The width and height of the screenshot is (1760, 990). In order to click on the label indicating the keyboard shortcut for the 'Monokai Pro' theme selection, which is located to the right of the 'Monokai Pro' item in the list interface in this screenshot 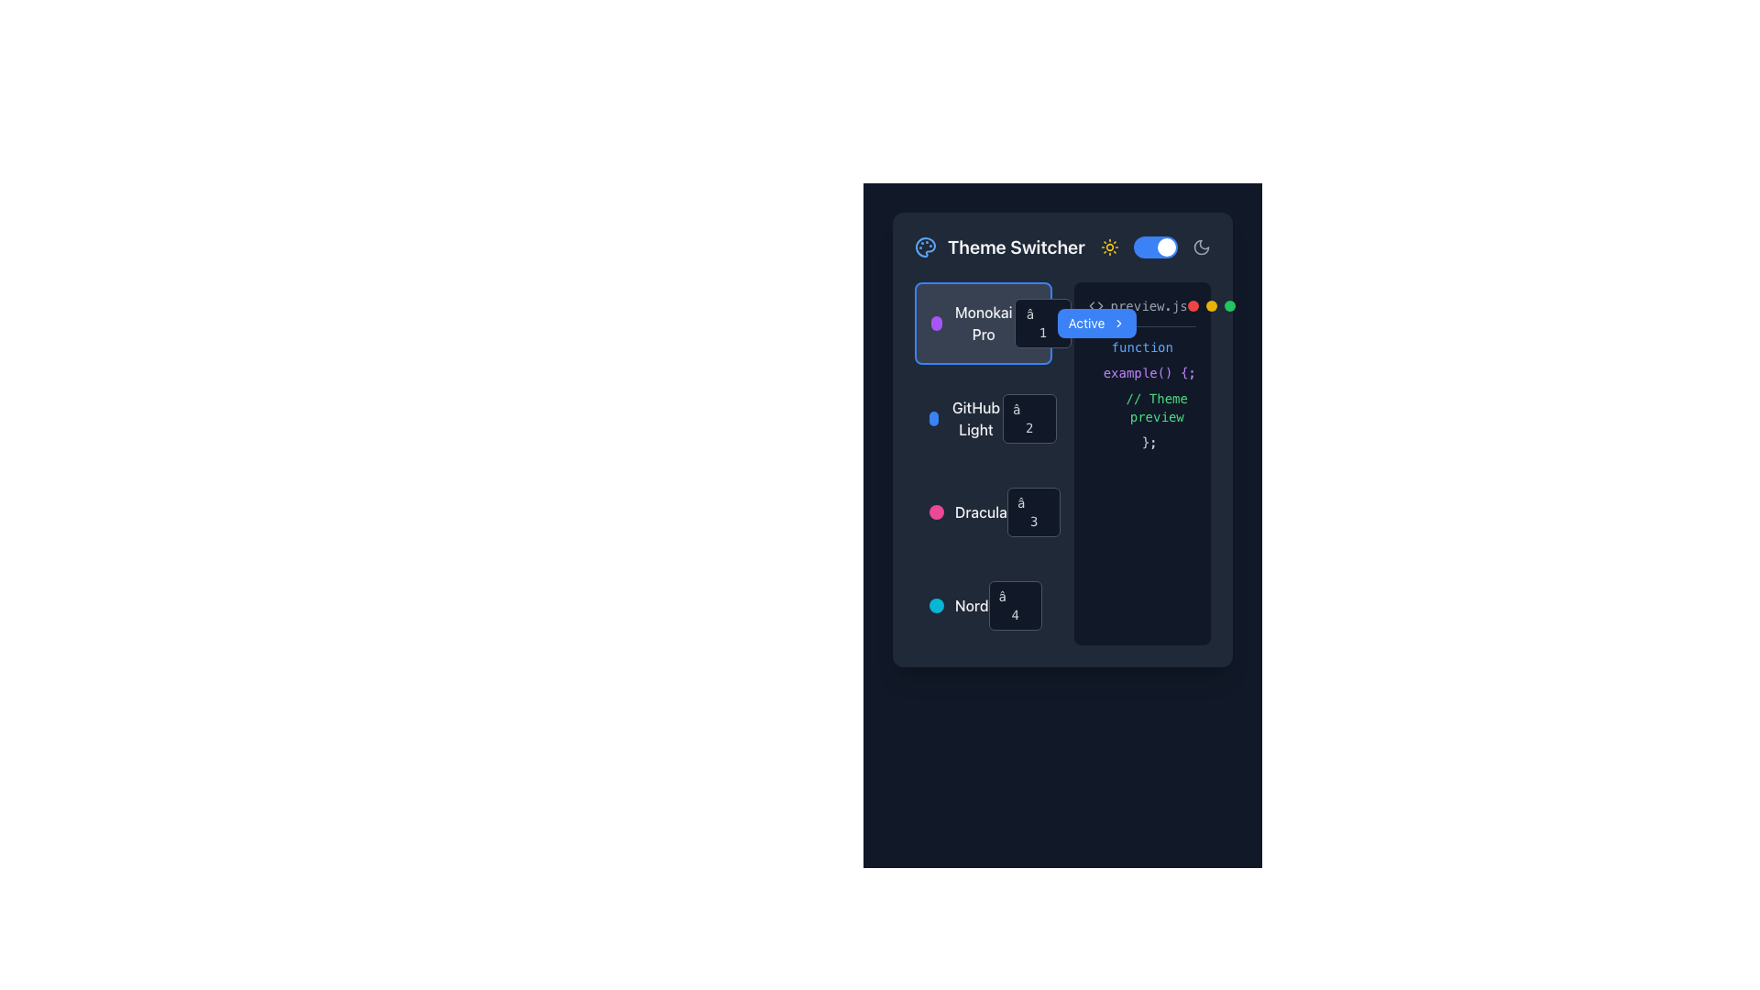, I will do `click(1054, 323)`.